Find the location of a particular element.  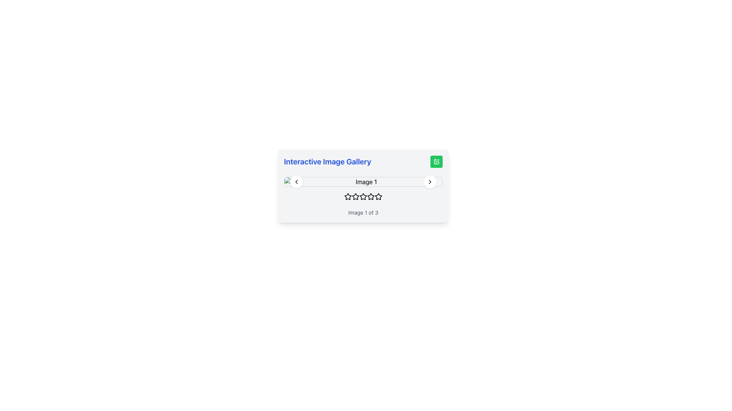

the third star icon in the rating system to set a rating for the image is located at coordinates (355, 196).